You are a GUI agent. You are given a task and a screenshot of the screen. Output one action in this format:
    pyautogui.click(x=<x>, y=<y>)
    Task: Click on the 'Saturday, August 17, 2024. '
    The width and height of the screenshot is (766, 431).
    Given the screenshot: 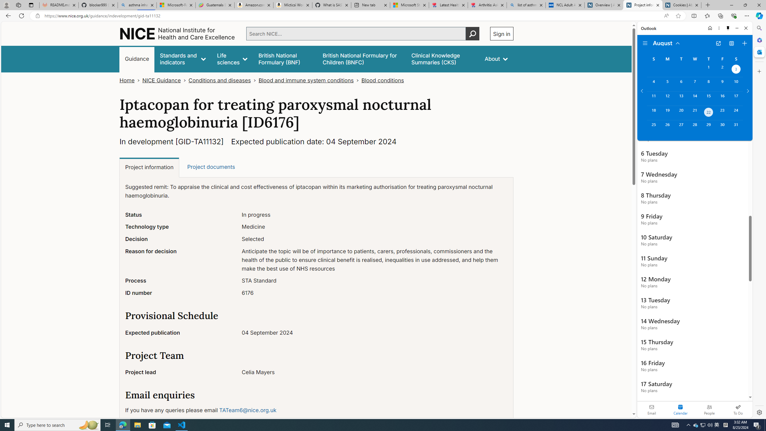 What is the action you would take?
    pyautogui.click(x=736, y=98)
    